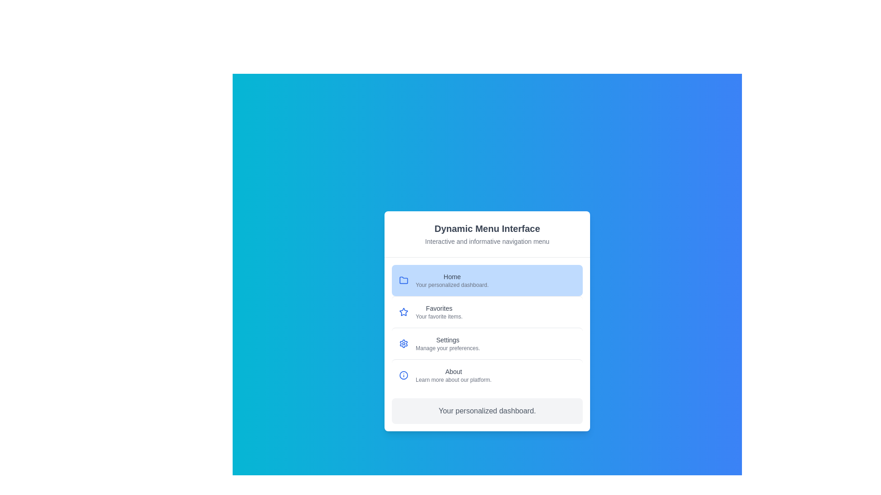  What do you see at coordinates (486, 375) in the screenshot?
I see `the menu item About to display its description` at bounding box center [486, 375].